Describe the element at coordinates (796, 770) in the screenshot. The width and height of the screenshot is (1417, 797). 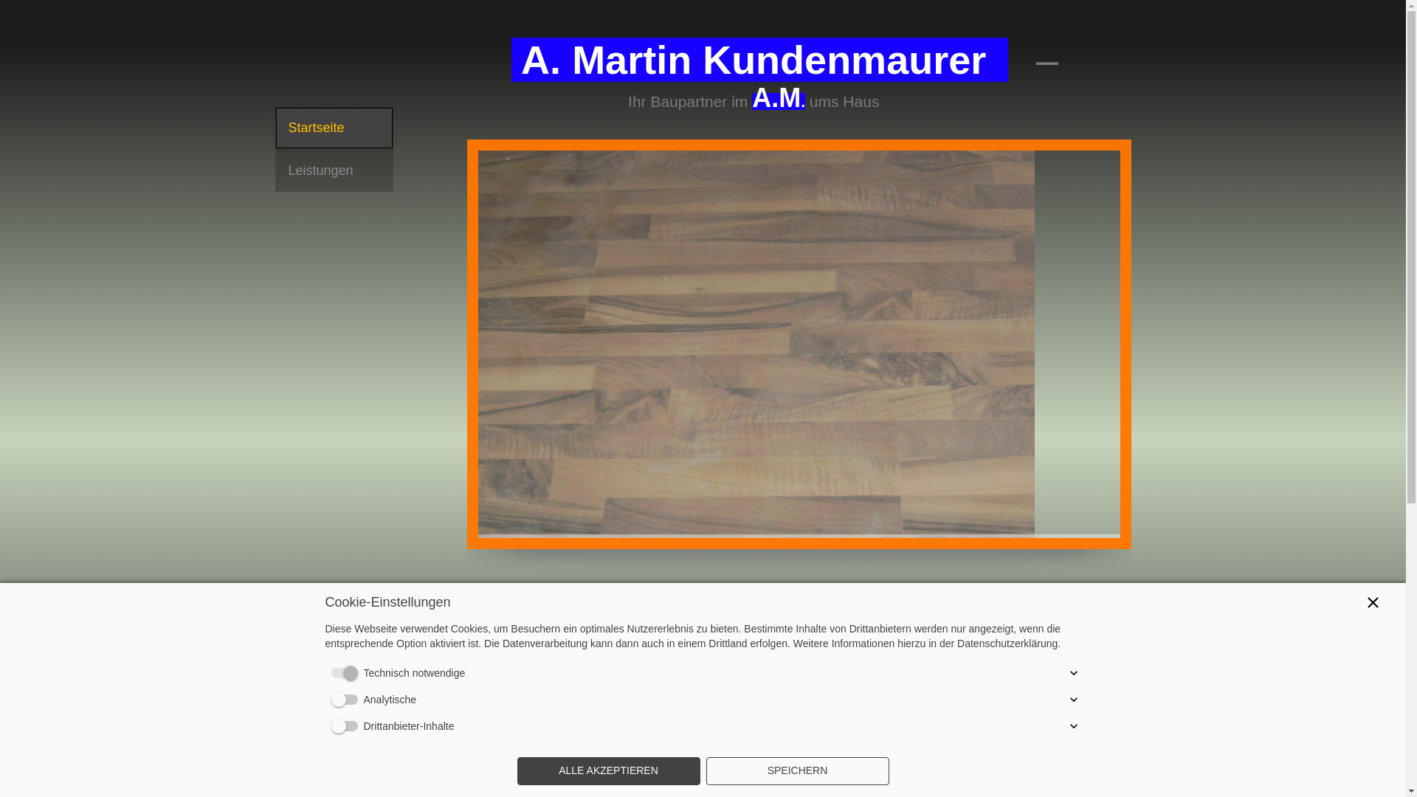
I see `'SPEICHERN'` at that location.